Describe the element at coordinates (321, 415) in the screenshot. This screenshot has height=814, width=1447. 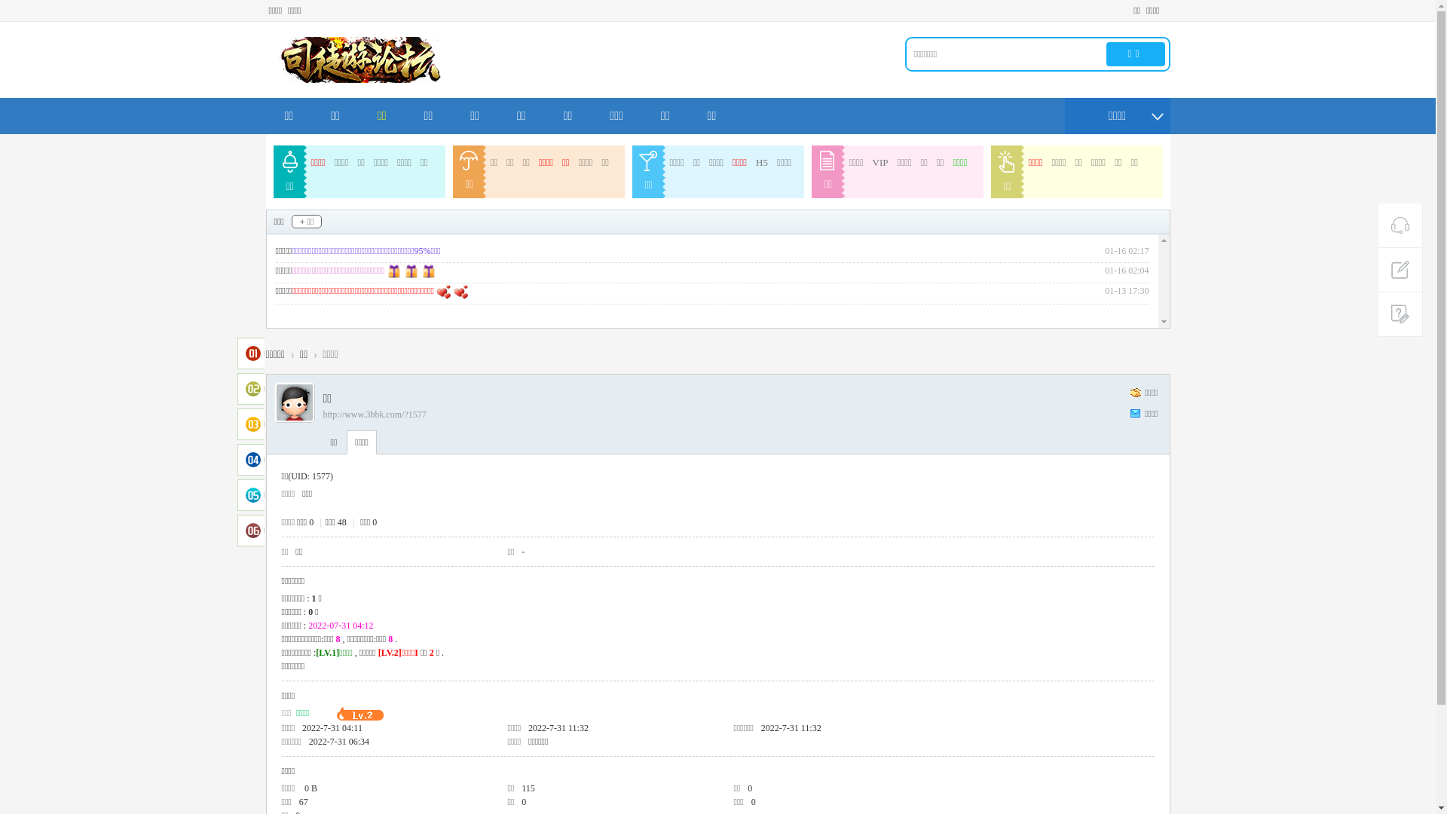
I see `'http://www.3bbk.com/?1577'` at that location.